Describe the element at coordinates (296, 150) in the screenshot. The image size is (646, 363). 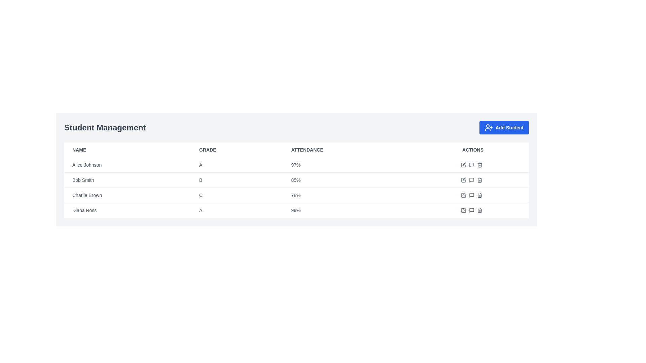
I see `the Table Header Row containing the labels 'NAME', 'GRADE', 'ATTENDANCE', and 'ACTIONS', which is styled with uppercase letters and has a white background with dark gray font color` at that location.